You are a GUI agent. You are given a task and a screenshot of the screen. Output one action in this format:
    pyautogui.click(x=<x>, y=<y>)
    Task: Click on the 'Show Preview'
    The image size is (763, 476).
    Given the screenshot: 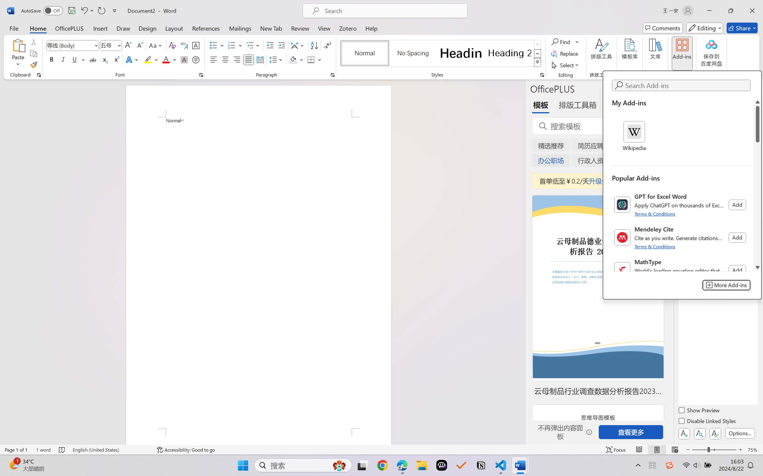 What is the action you would take?
    pyautogui.click(x=699, y=411)
    